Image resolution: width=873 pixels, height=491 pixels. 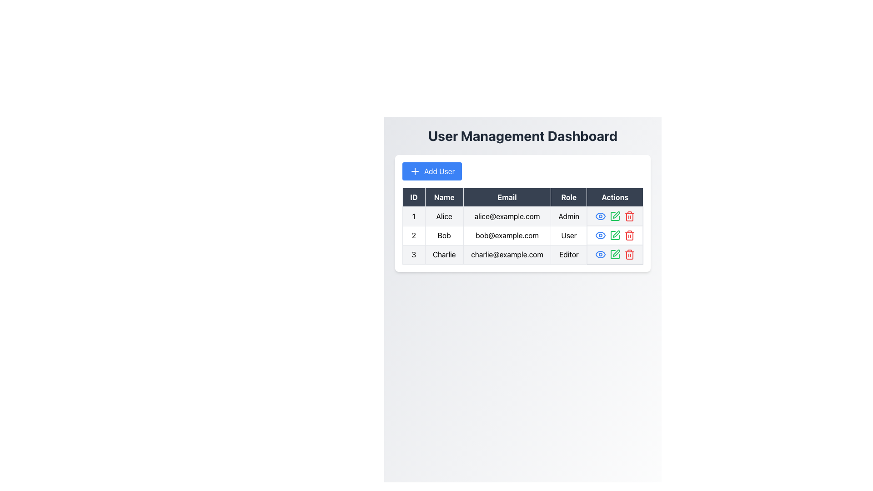 I want to click on the 'Name' label, which is the second column header in the table, centered in white font on a dark background, located between the 'ID' and 'Email' headers, so click(x=444, y=197).